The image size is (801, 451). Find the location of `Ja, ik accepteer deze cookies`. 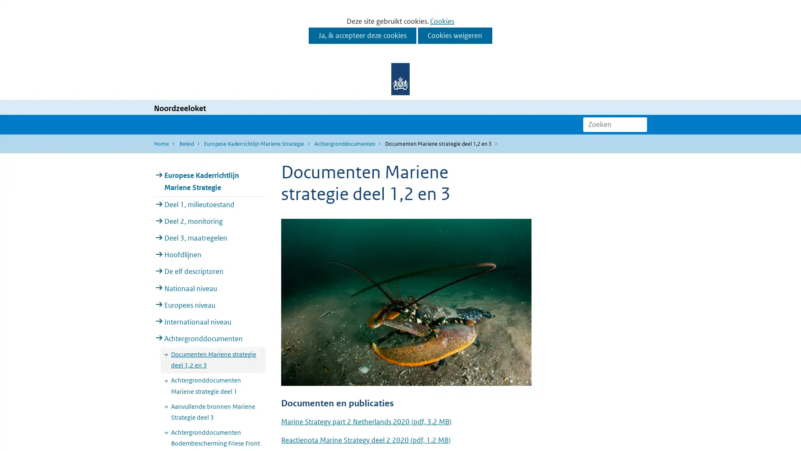

Ja, ik accepteer deze cookies is located at coordinates (362, 35).